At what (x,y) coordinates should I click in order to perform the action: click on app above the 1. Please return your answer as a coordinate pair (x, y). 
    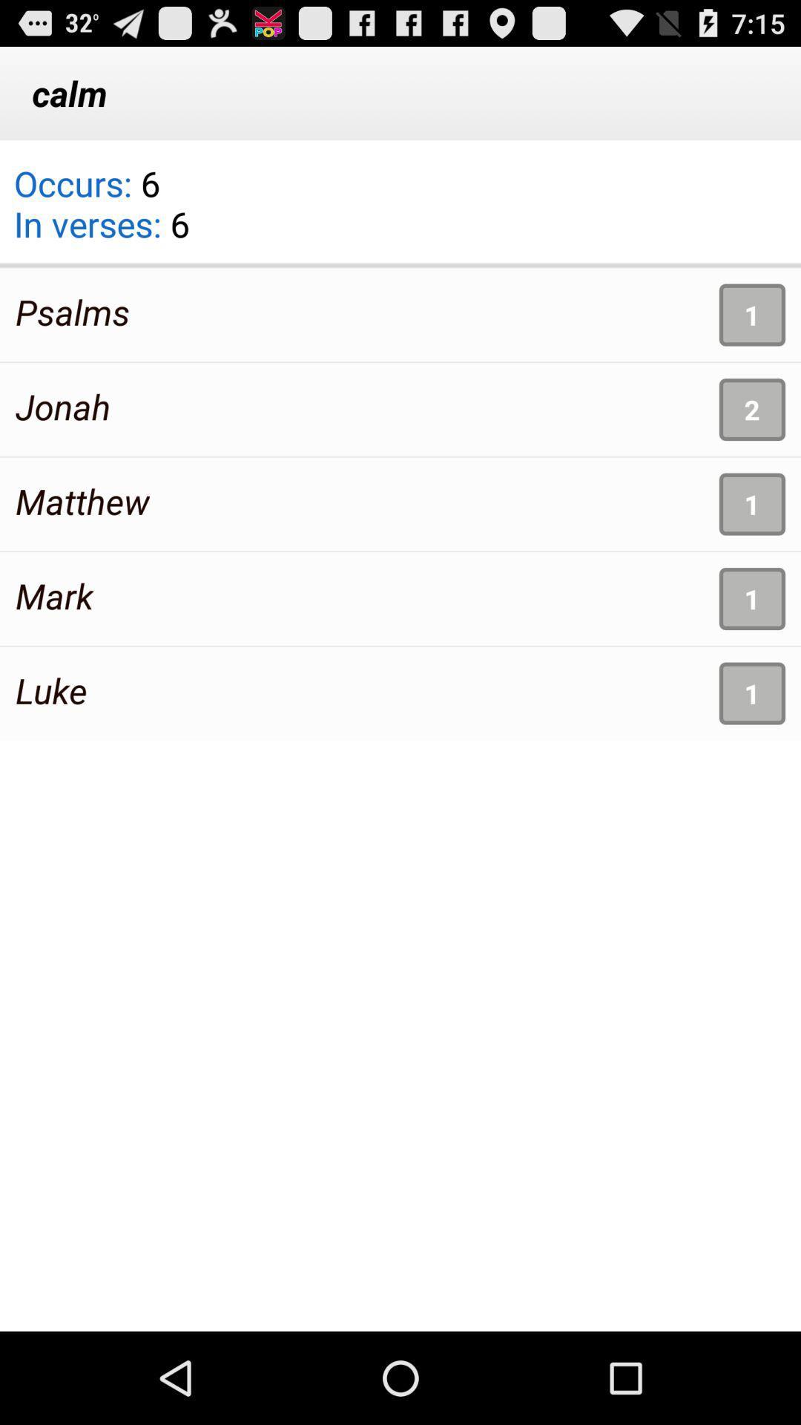
    Looking at the image, I should click on (752, 410).